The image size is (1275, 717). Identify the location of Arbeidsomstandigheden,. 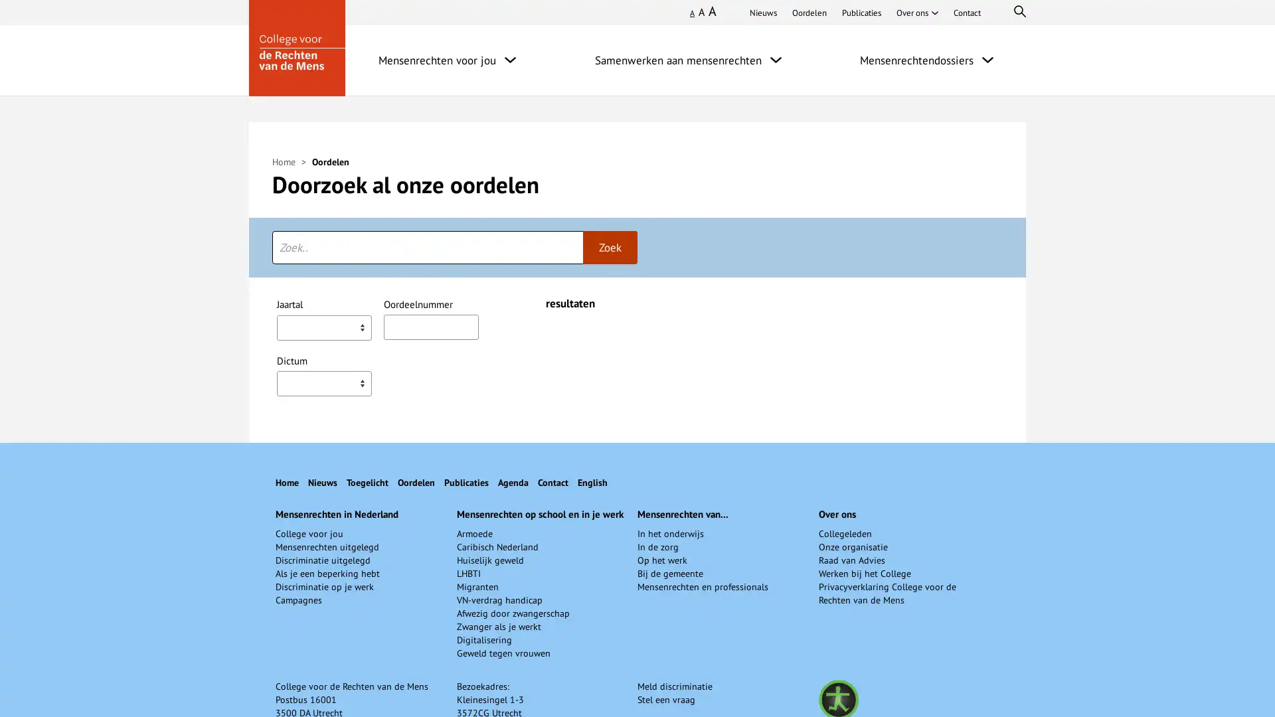
(645, 390).